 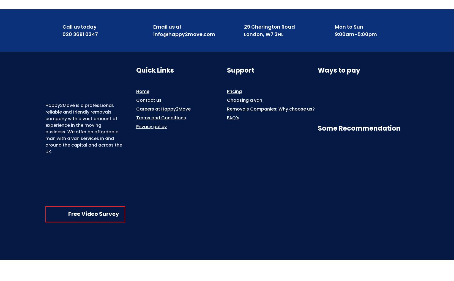 I want to click on 'Removals Companies: Why choose us?', so click(x=271, y=109).